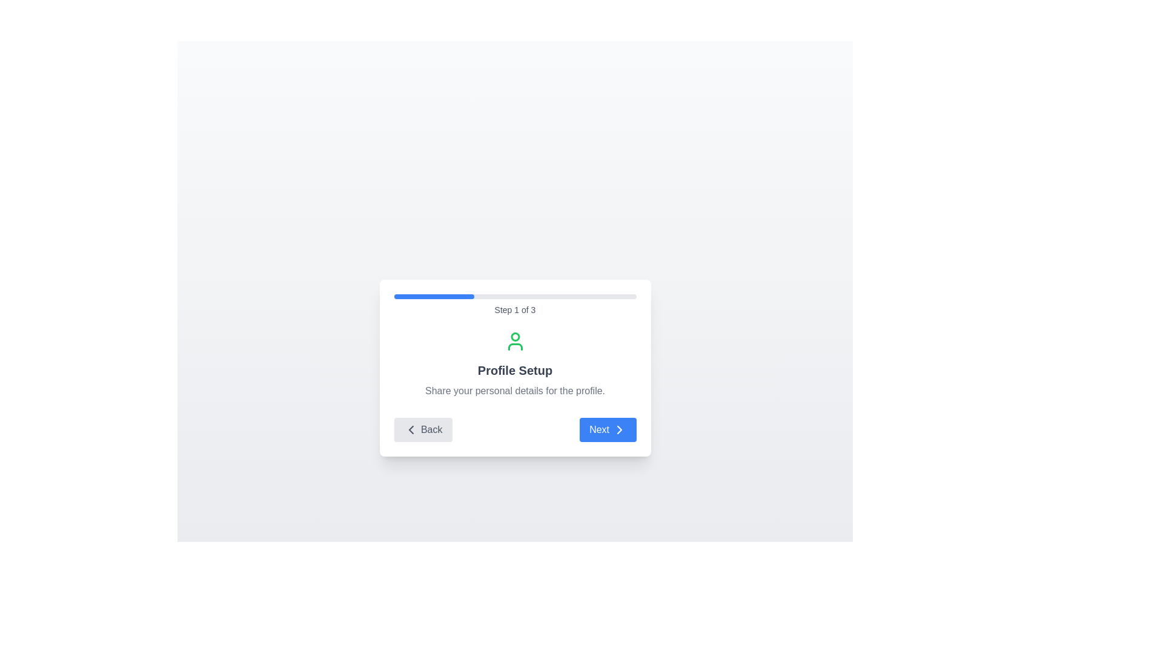 The image size is (1163, 654). Describe the element at coordinates (515, 304) in the screenshot. I see `the Progress Indicator with Descriptive Text located above the 'Profile Setup' title` at that location.